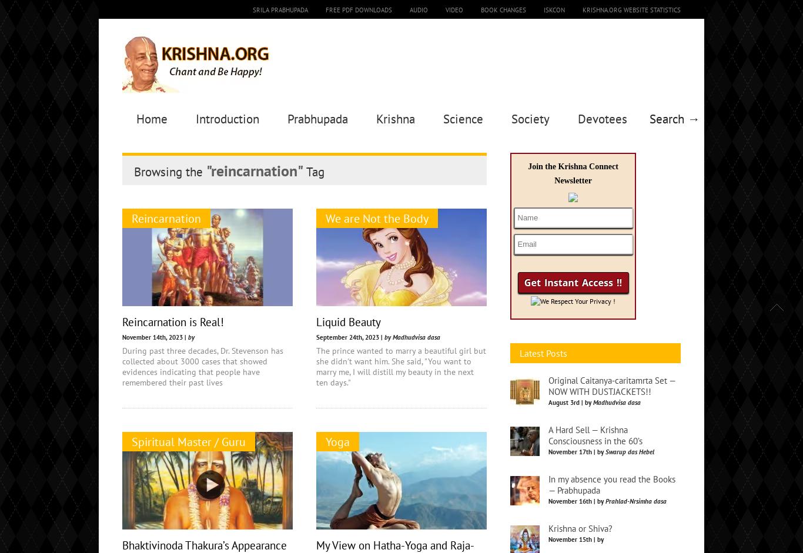 This screenshot has width=803, height=553. What do you see at coordinates (131, 441) in the screenshot?
I see `'Spiritual Master / Guru'` at bounding box center [131, 441].